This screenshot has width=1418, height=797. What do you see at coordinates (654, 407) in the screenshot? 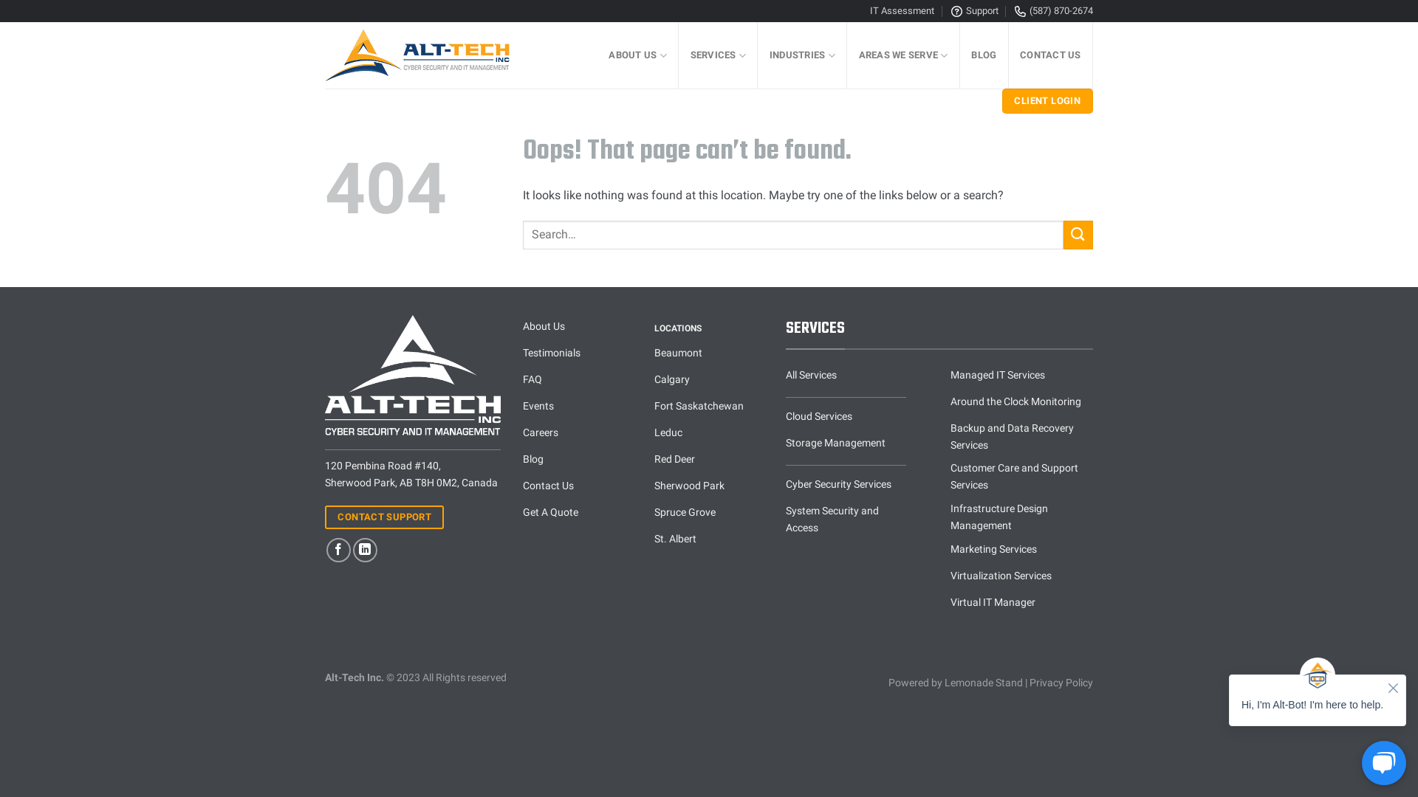
I see `'Fort Saskatchewan'` at bounding box center [654, 407].